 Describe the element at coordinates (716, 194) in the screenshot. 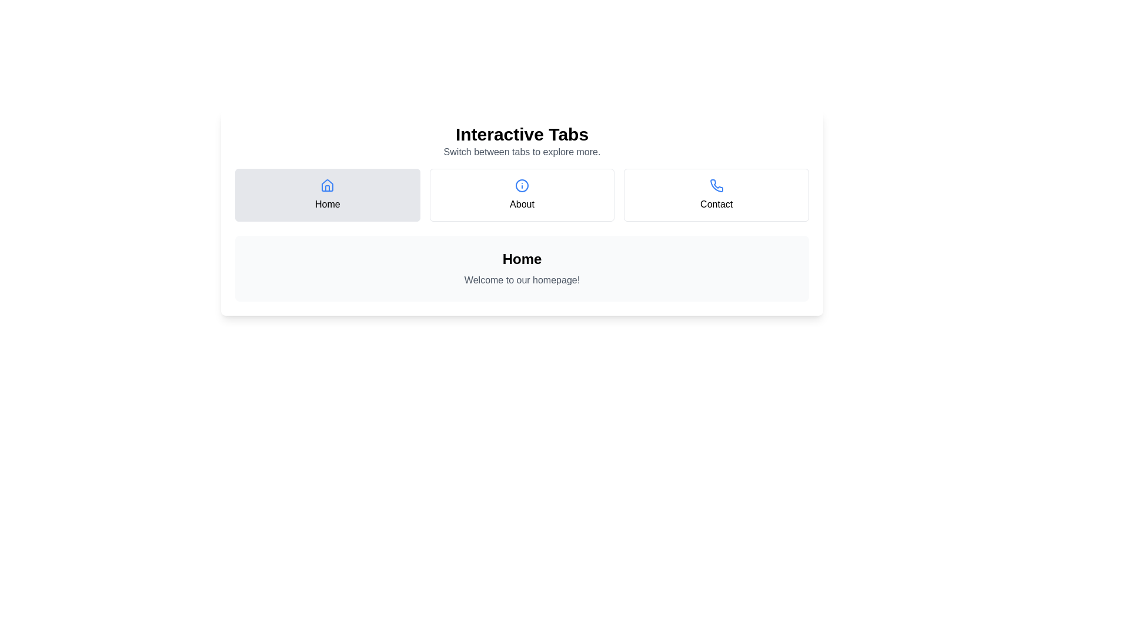

I see `the Contact tab by clicking on it` at that location.